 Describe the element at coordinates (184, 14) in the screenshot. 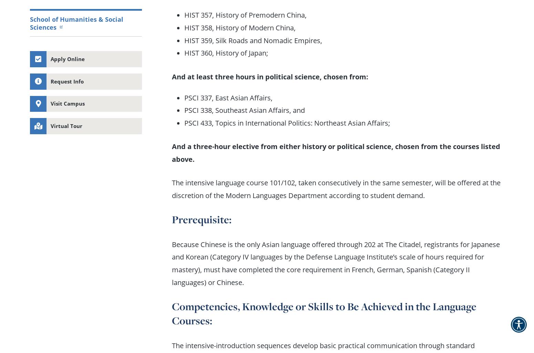

I see `'HIST 357, History of Premodern China,'` at that location.